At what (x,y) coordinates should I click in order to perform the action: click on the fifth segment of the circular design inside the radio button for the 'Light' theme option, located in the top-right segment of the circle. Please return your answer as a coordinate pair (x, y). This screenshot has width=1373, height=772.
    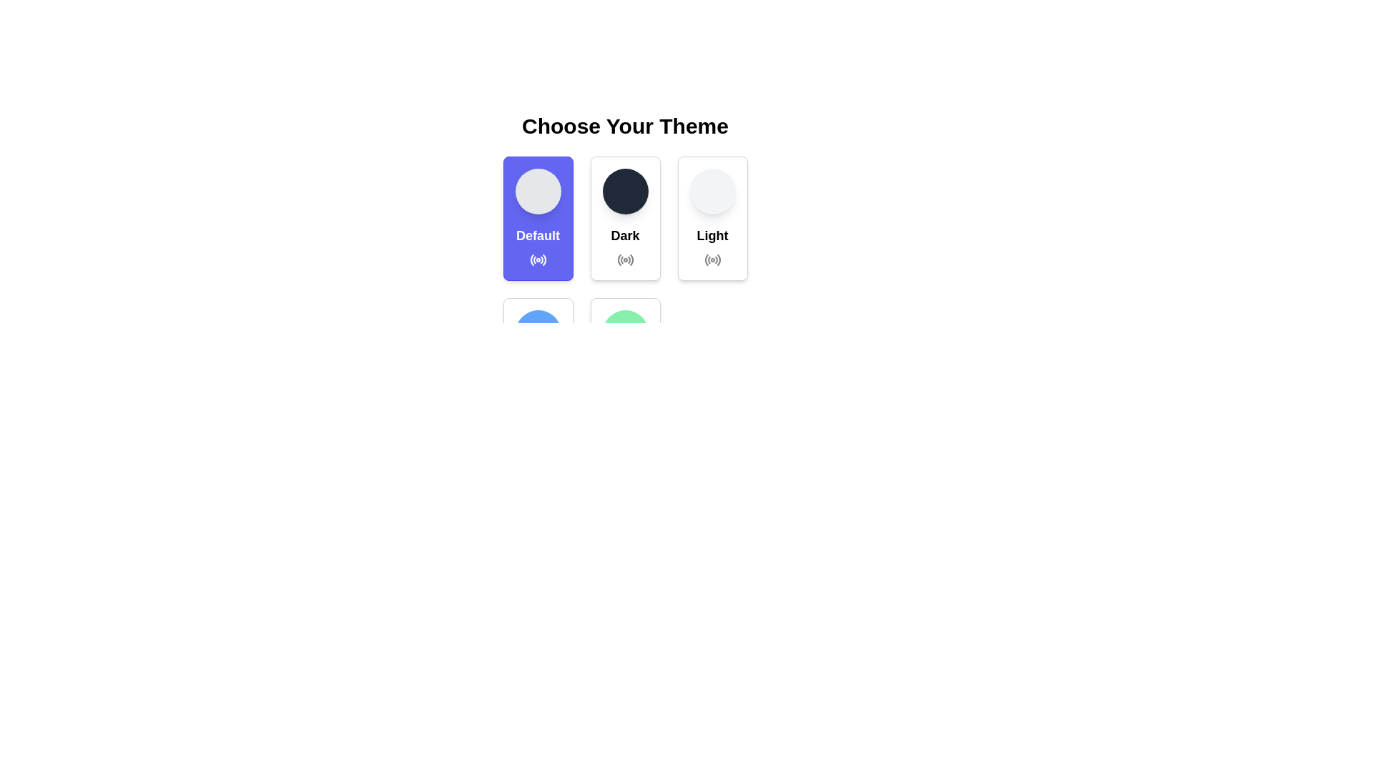
    Looking at the image, I should click on (719, 259).